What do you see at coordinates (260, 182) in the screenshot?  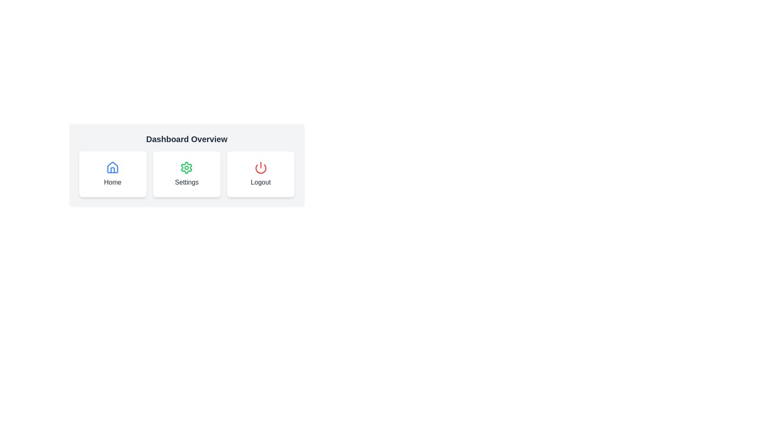 I see `text content of the logout label located under the red power icon, which is the third item in the horizontal arrangement of icons and labels` at bounding box center [260, 182].